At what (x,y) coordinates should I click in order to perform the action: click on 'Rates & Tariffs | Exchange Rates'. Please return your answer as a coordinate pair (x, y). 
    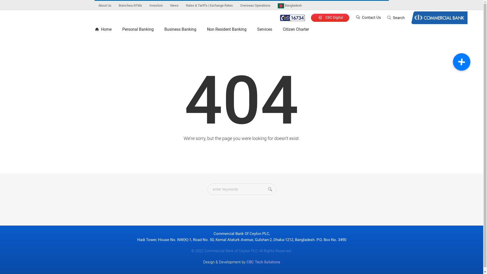
    Looking at the image, I should click on (209, 5).